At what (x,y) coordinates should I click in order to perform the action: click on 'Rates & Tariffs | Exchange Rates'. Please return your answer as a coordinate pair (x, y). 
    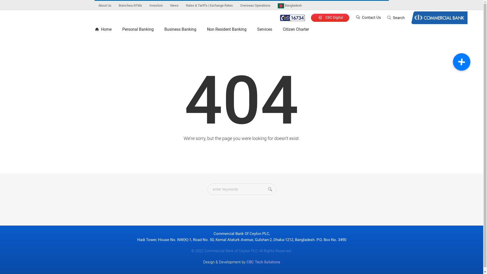
    Looking at the image, I should click on (209, 5).